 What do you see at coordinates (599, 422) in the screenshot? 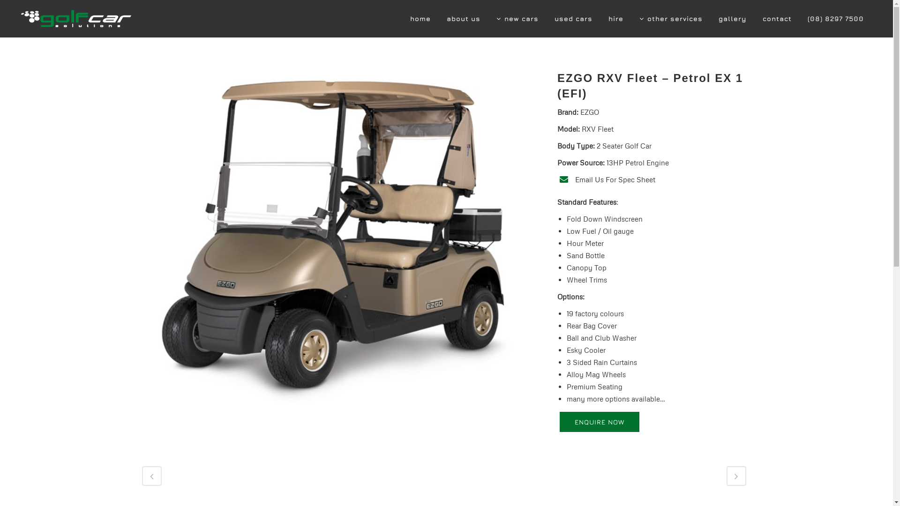
I see `'ENQUIRE NOW'` at bounding box center [599, 422].